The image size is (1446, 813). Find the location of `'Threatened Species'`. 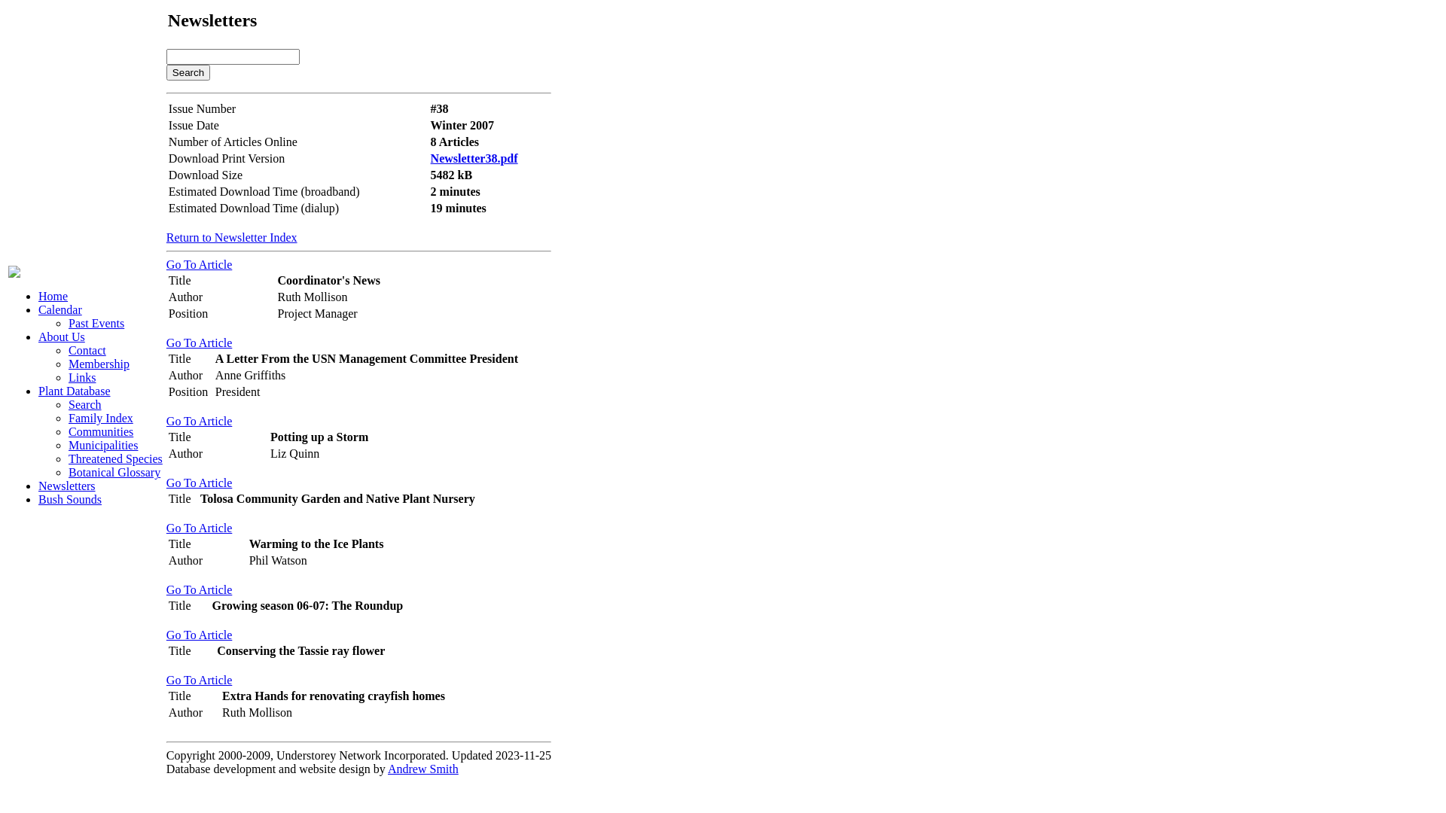

'Threatened Species' is located at coordinates (114, 458).